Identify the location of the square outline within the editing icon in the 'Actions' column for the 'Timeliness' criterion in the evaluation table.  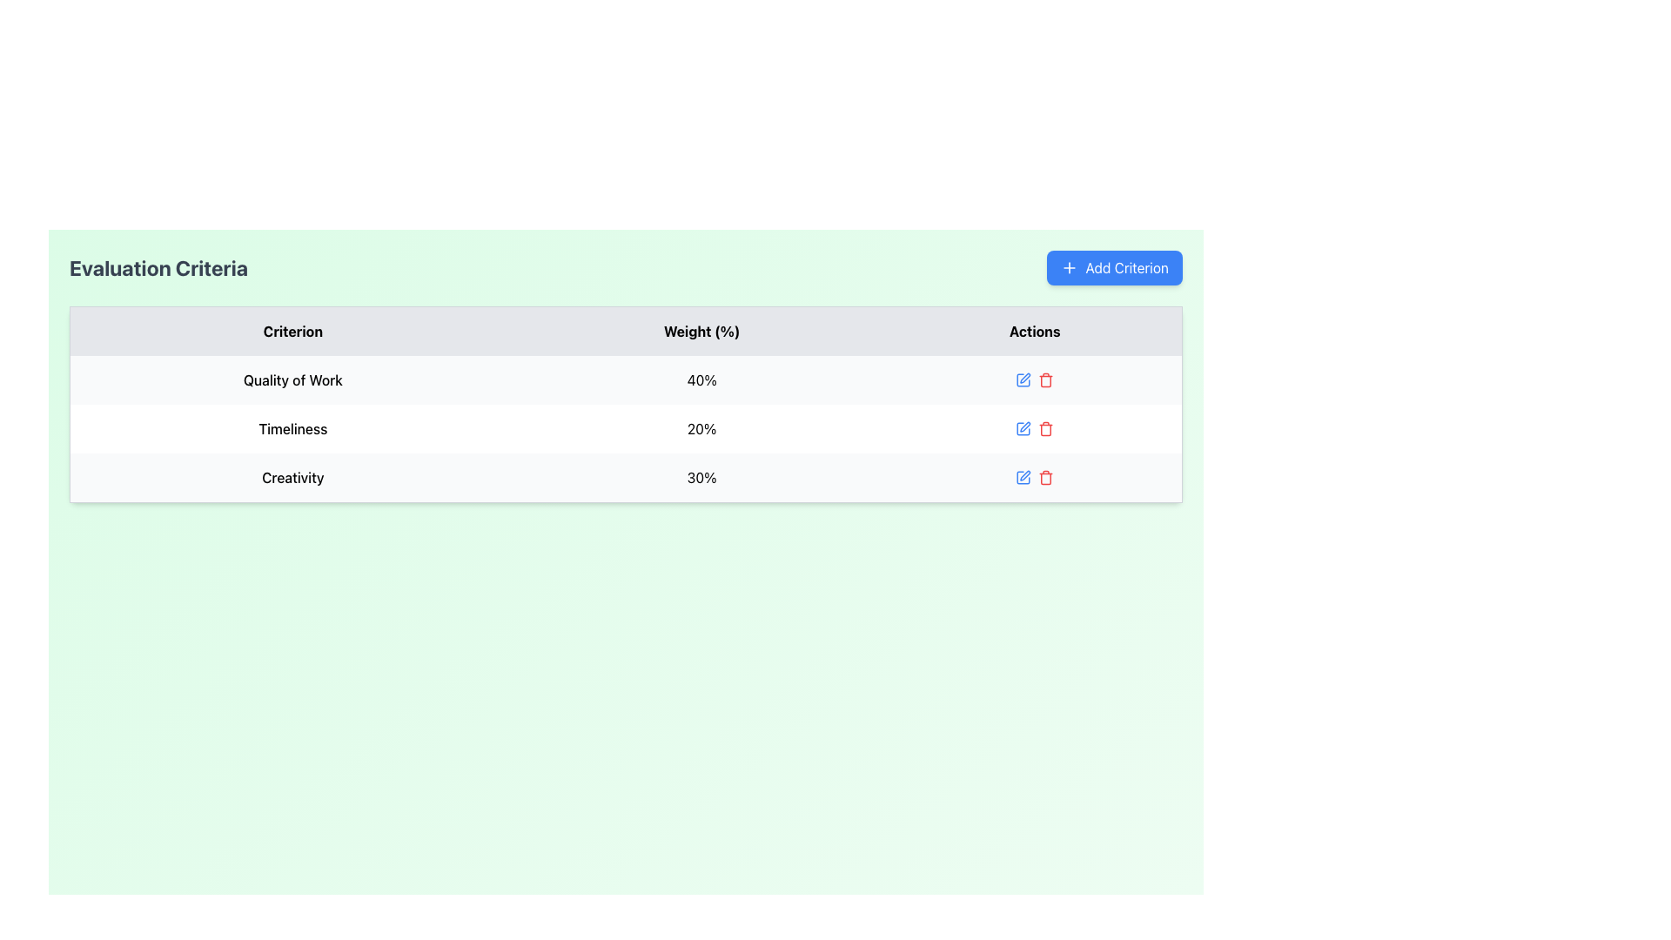
(1023, 429).